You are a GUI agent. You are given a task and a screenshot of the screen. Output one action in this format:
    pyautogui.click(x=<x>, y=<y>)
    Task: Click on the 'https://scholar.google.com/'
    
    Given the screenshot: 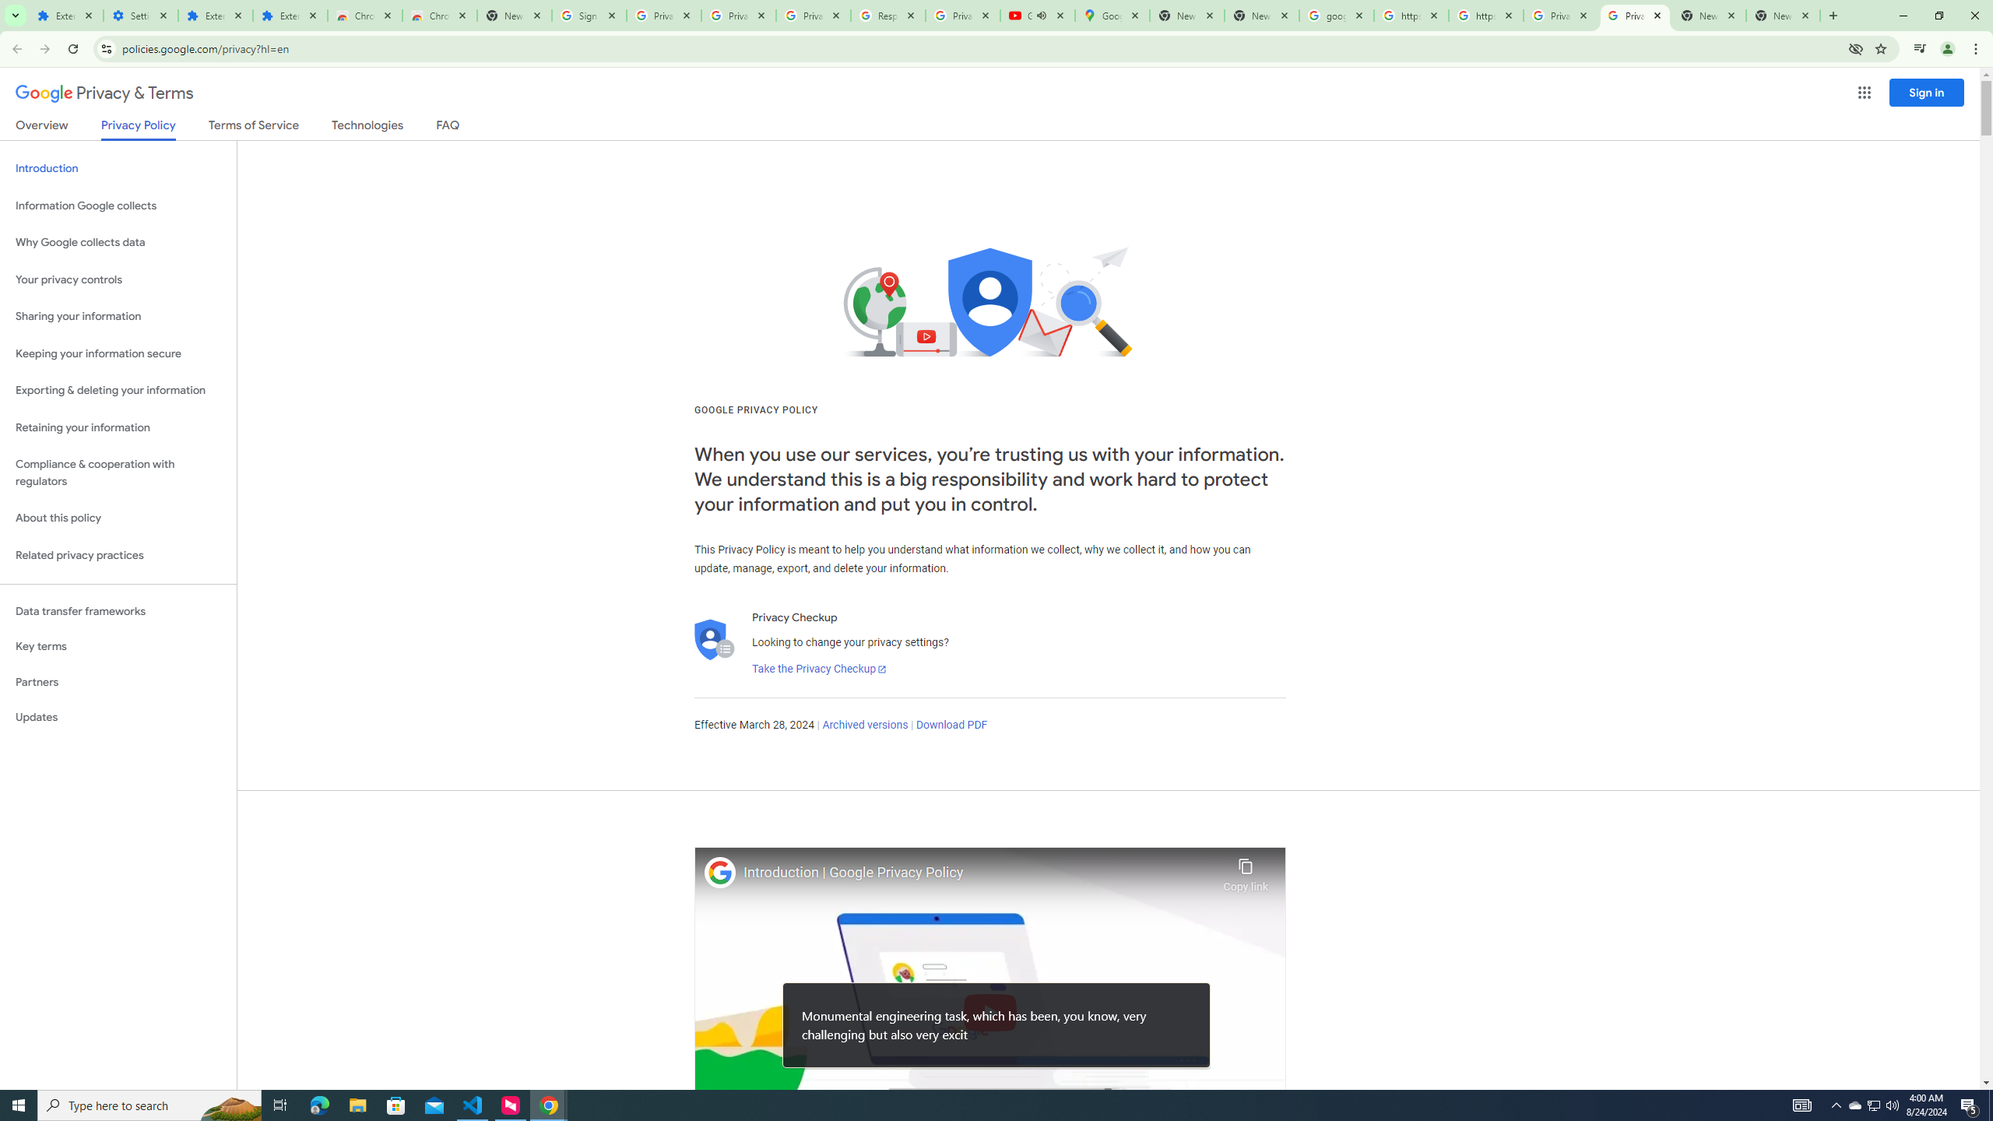 What is the action you would take?
    pyautogui.click(x=1410, y=15)
    